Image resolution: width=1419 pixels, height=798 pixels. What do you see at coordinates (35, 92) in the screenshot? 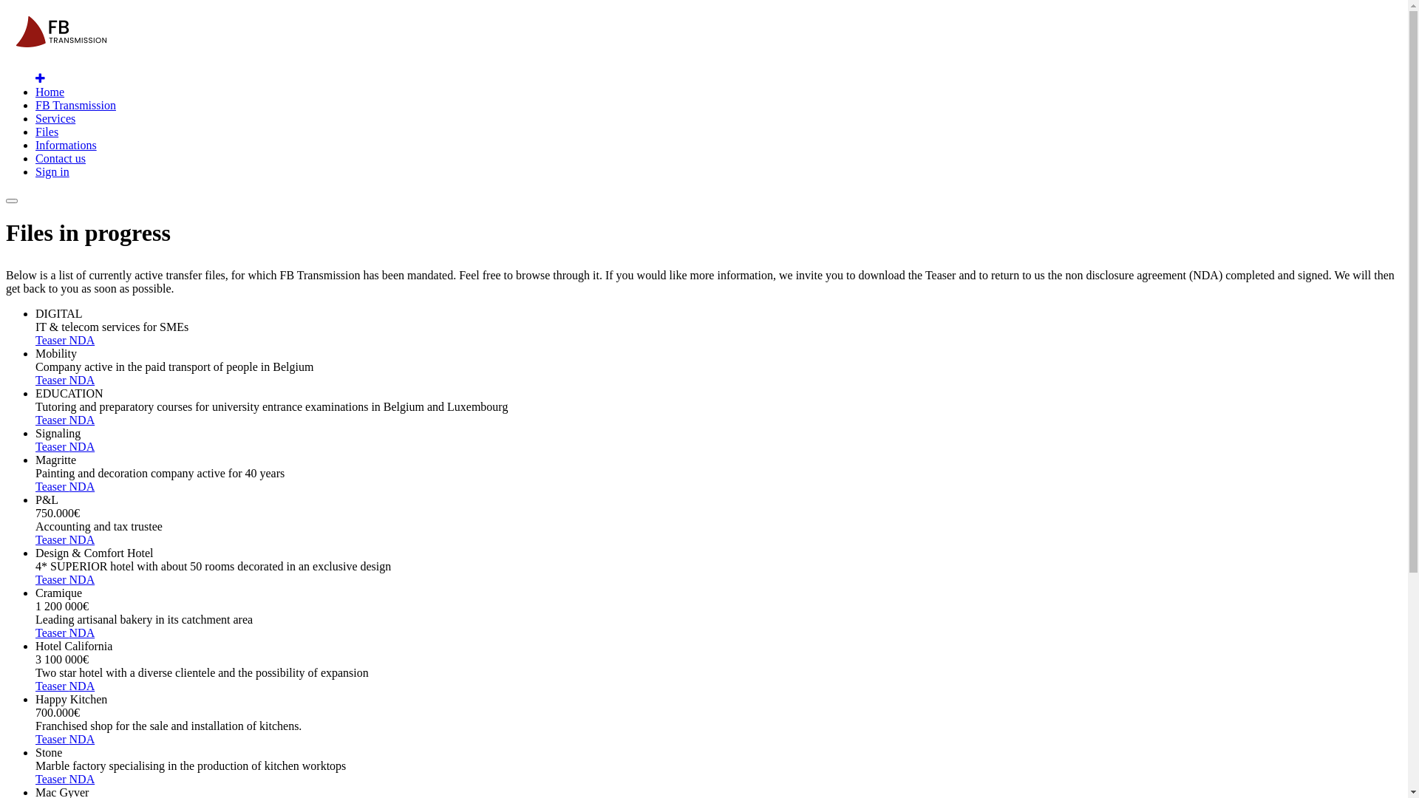
I see `'Home'` at bounding box center [35, 92].